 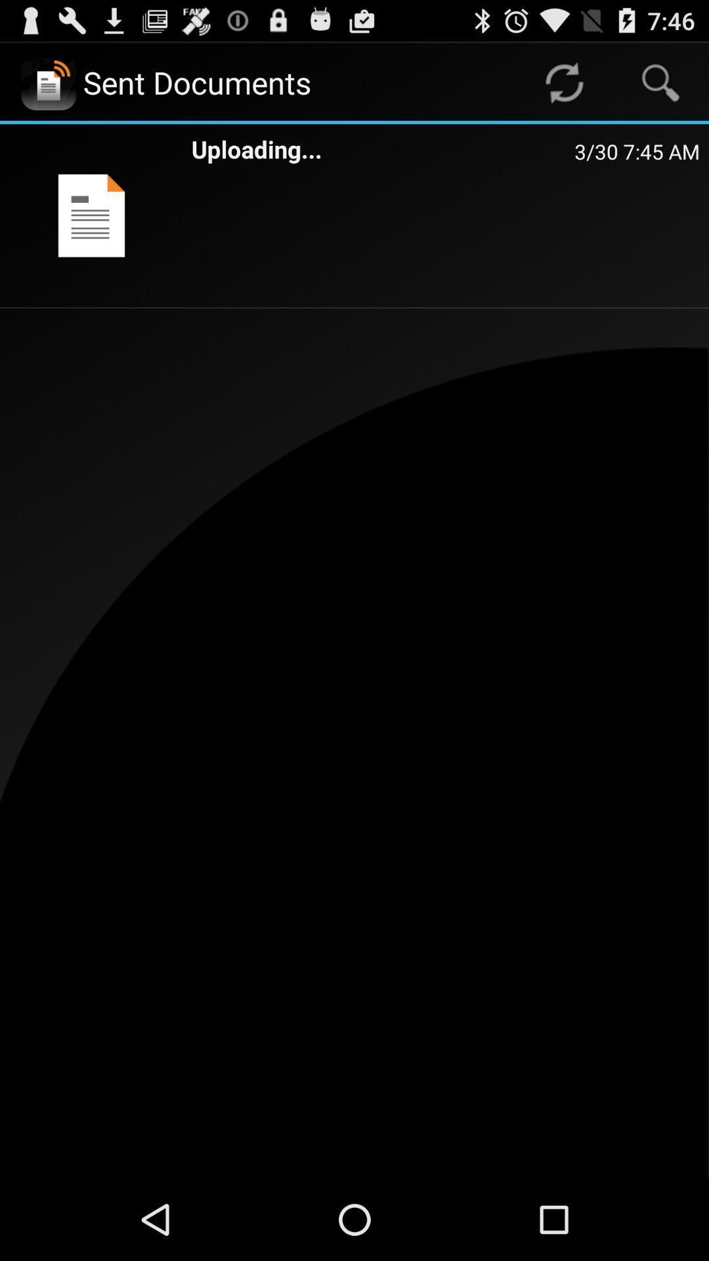 I want to click on icon next to uploading... app, so click(x=91, y=215).